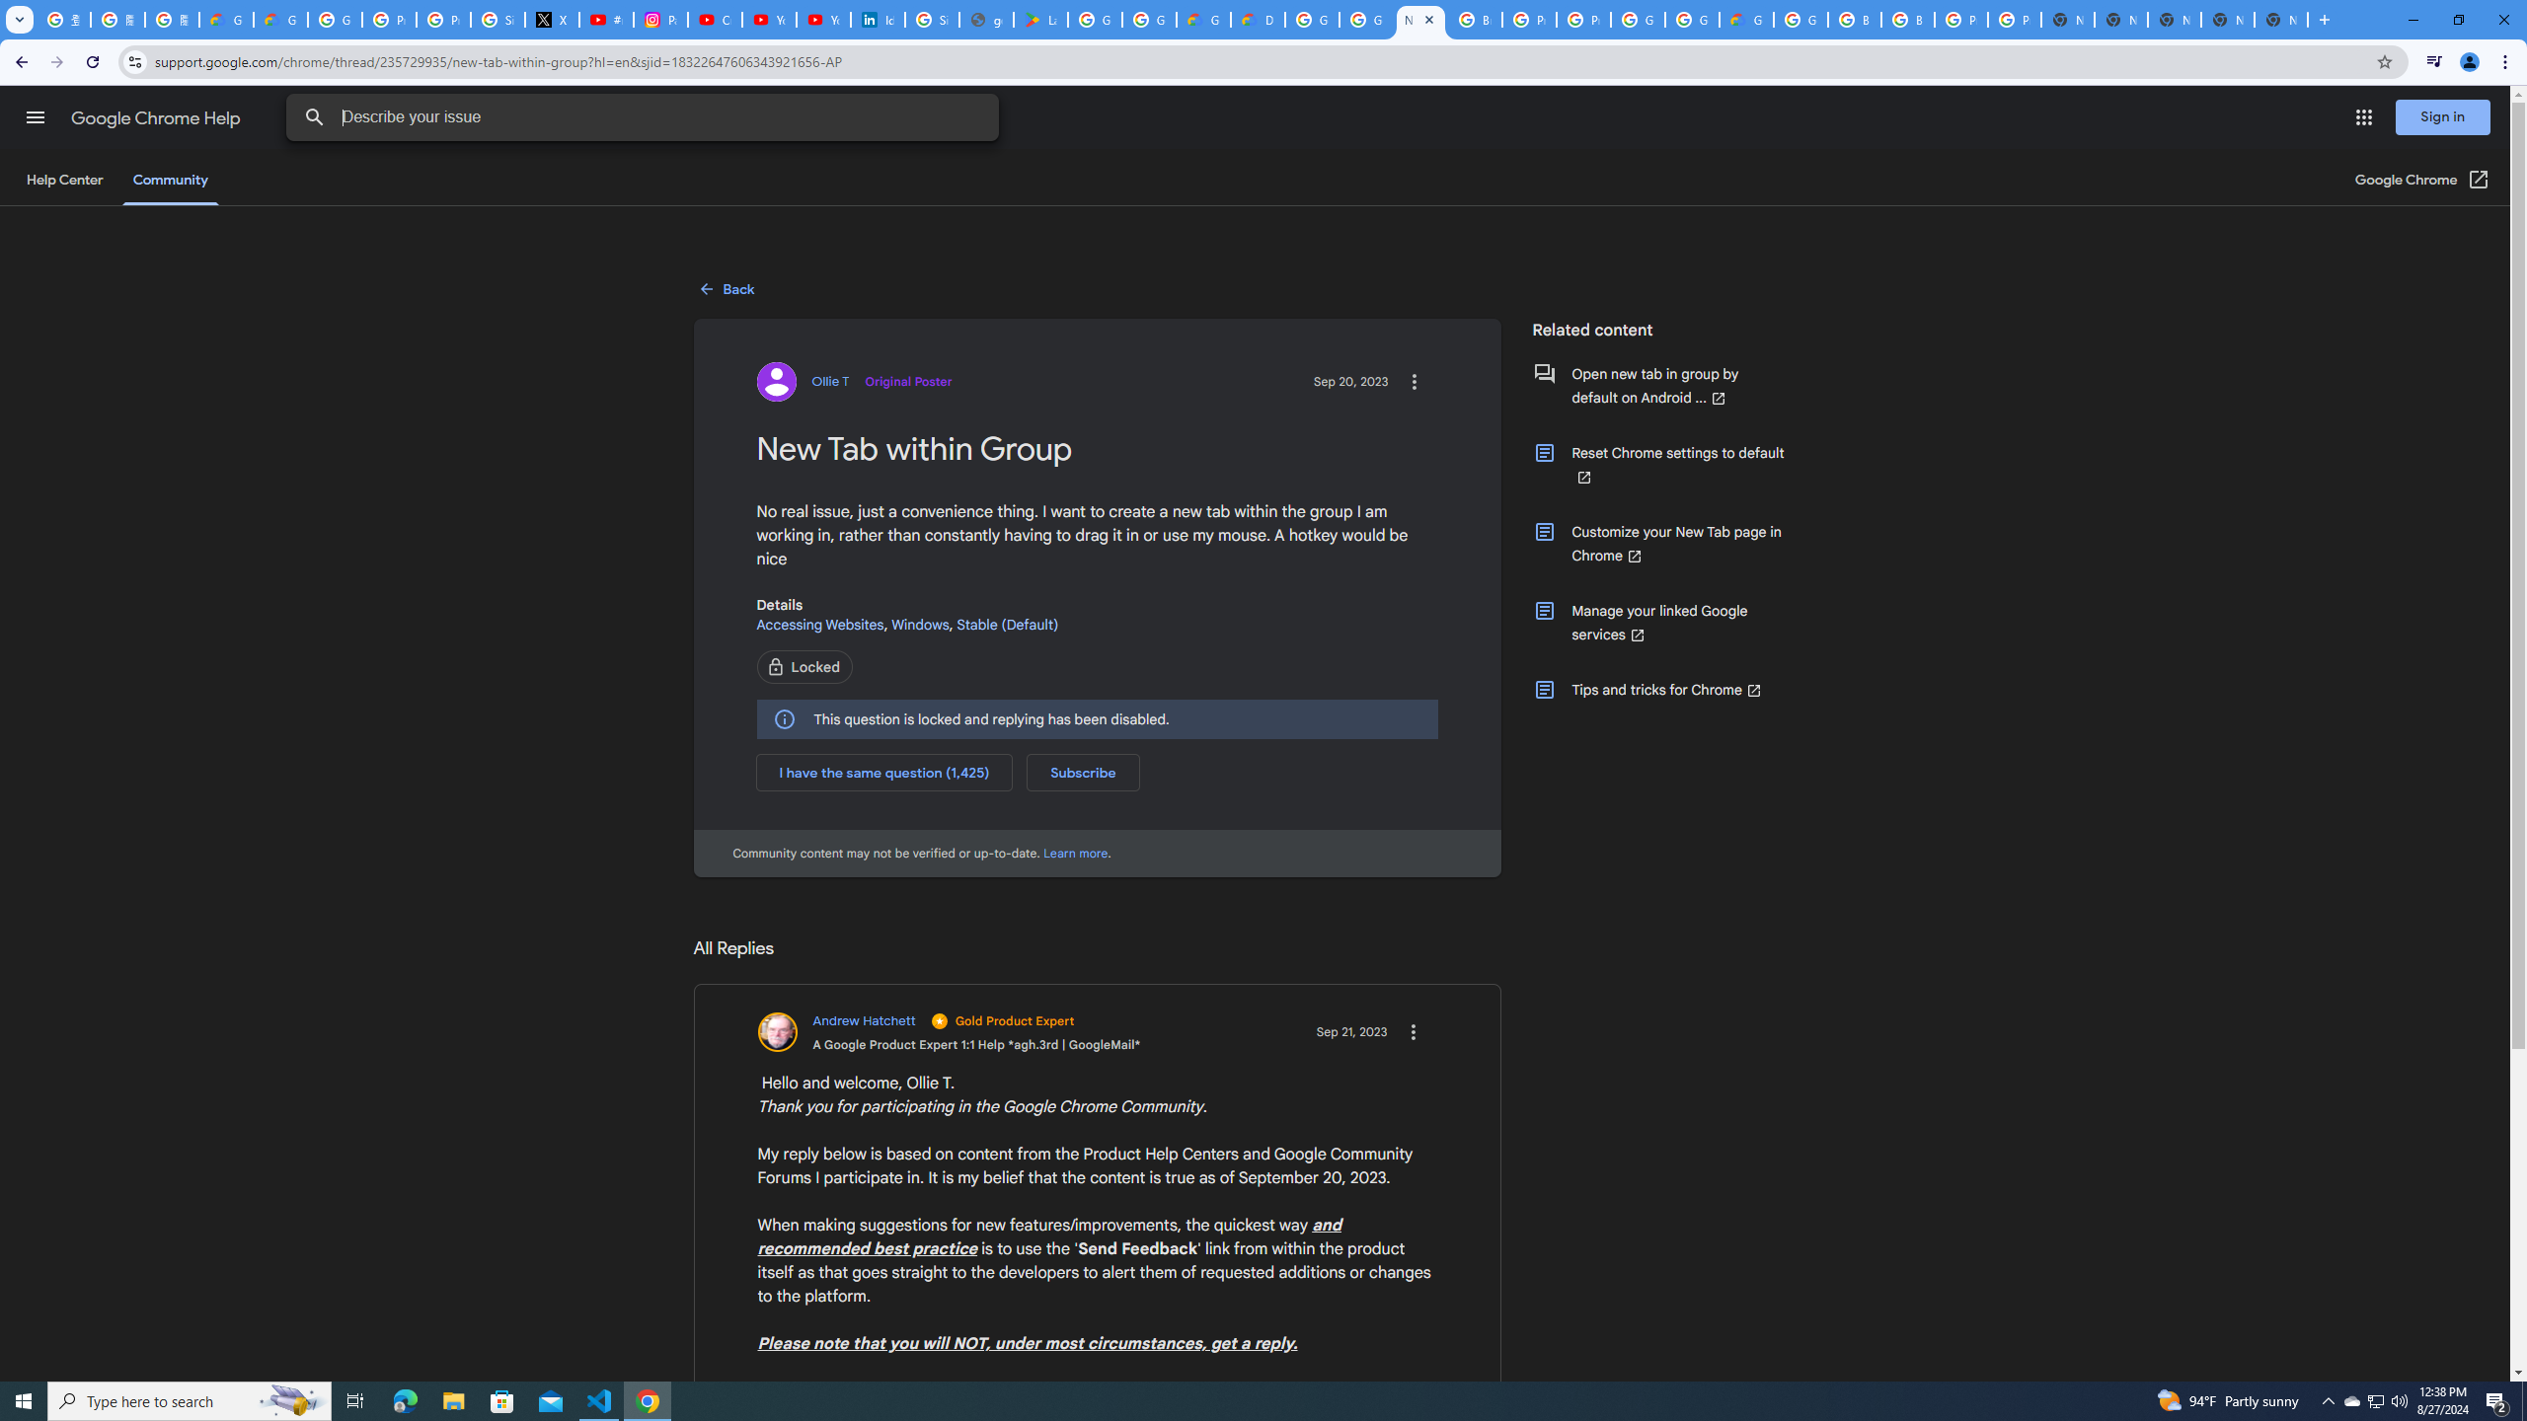  I want to click on 'Action items for the reply', so click(1412, 1031).